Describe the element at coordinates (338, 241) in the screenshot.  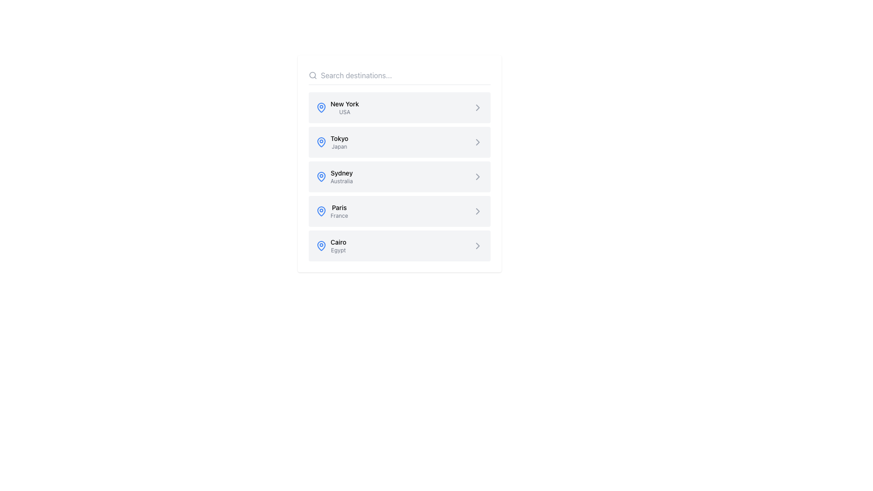
I see `the text label reading 'Cairo', which is styled with a medium font weight and smaller than standard size, appearing in black color, located above 'Egypt' and to the right of a blue location icon` at that location.